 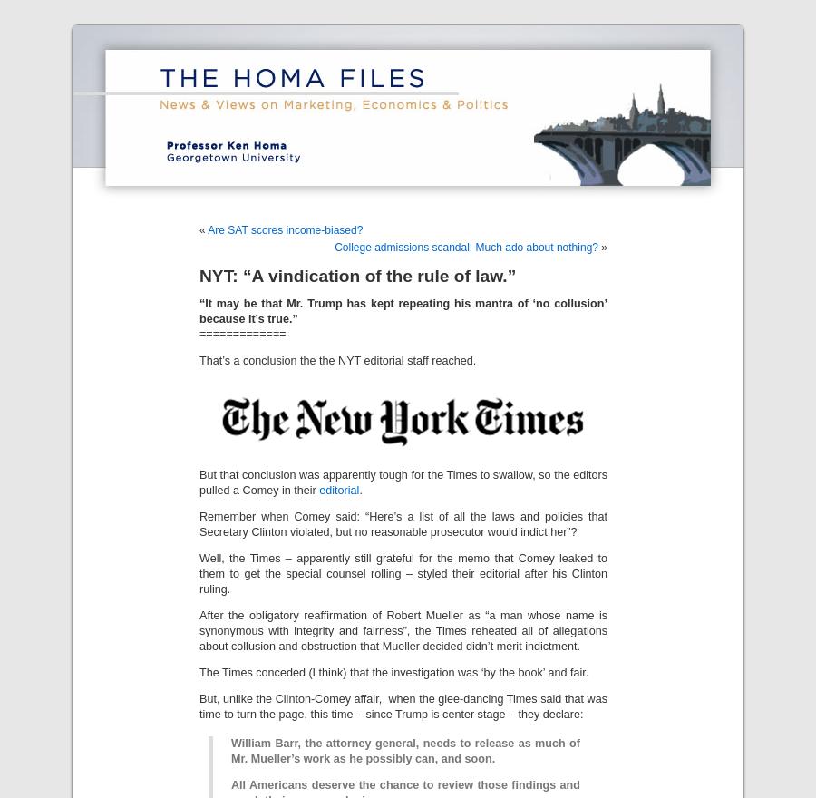 What do you see at coordinates (339, 488) in the screenshot?
I see `'editorial'` at bounding box center [339, 488].